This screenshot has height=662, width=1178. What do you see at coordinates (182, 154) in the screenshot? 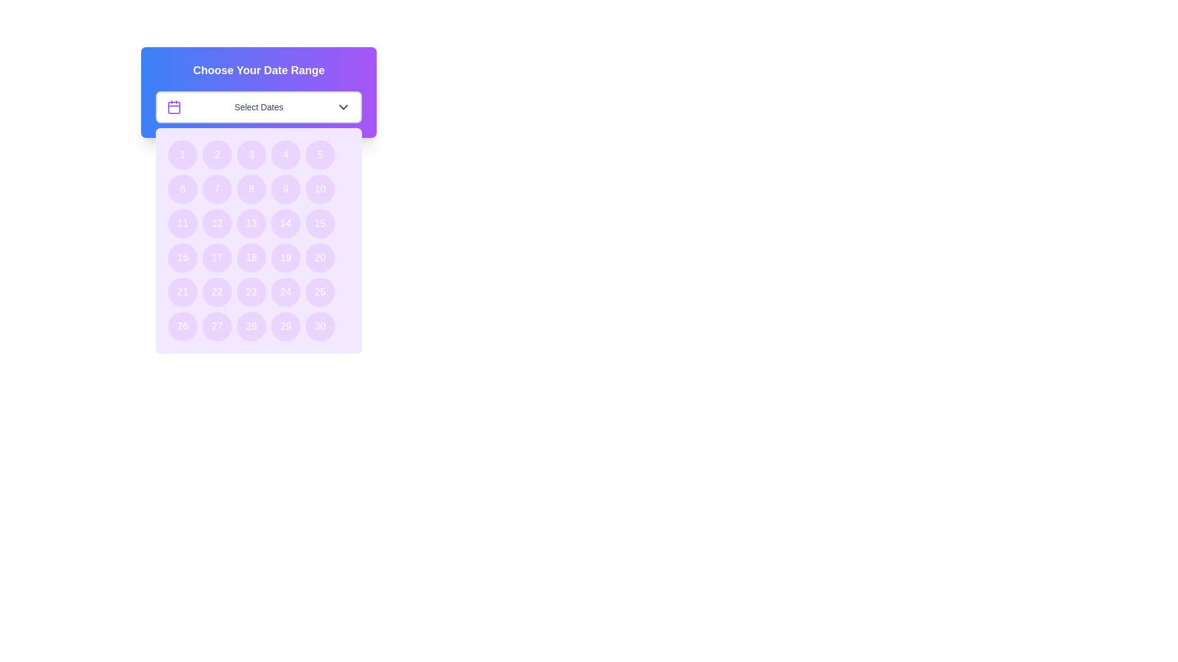
I see `the first button in the top-left corner of the date-picker grid` at bounding box center [182, 154].